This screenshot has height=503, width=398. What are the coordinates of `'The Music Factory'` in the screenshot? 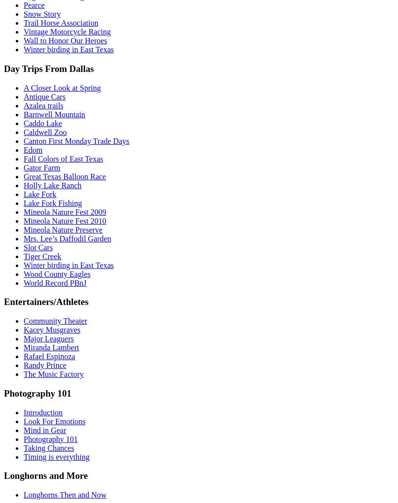 It's located at (24, 374).